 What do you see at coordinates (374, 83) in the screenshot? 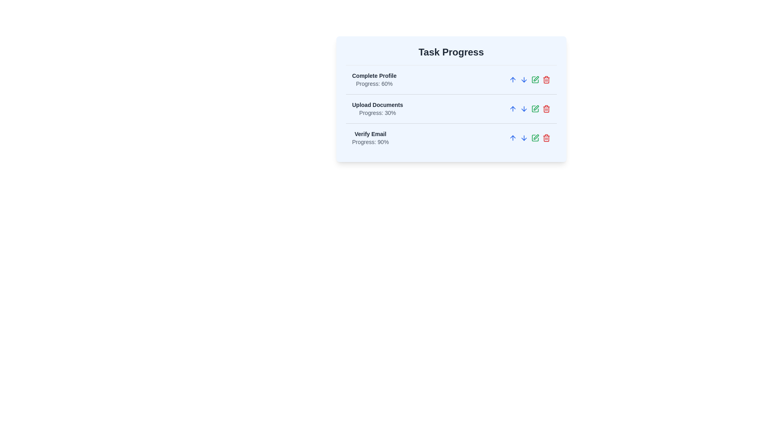
I see `the text label displaying 'Progress: 60%' which is located below the 'Complete Profile' text in the task card layout` at bounding box center [374, 83].